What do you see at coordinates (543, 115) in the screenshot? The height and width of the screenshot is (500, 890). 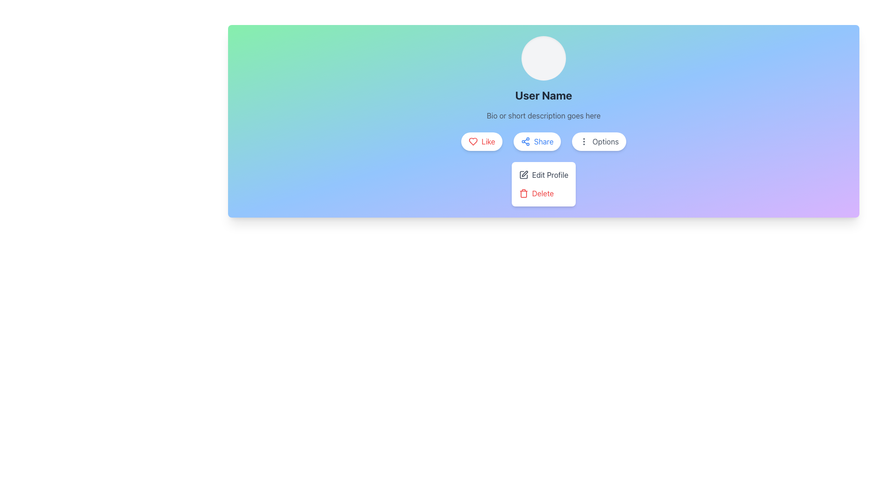 I see `the text label displaying 'Bio or short description goes here', which is styled in gray and located under the username in the user profile section` at bounding box center [543, 115].